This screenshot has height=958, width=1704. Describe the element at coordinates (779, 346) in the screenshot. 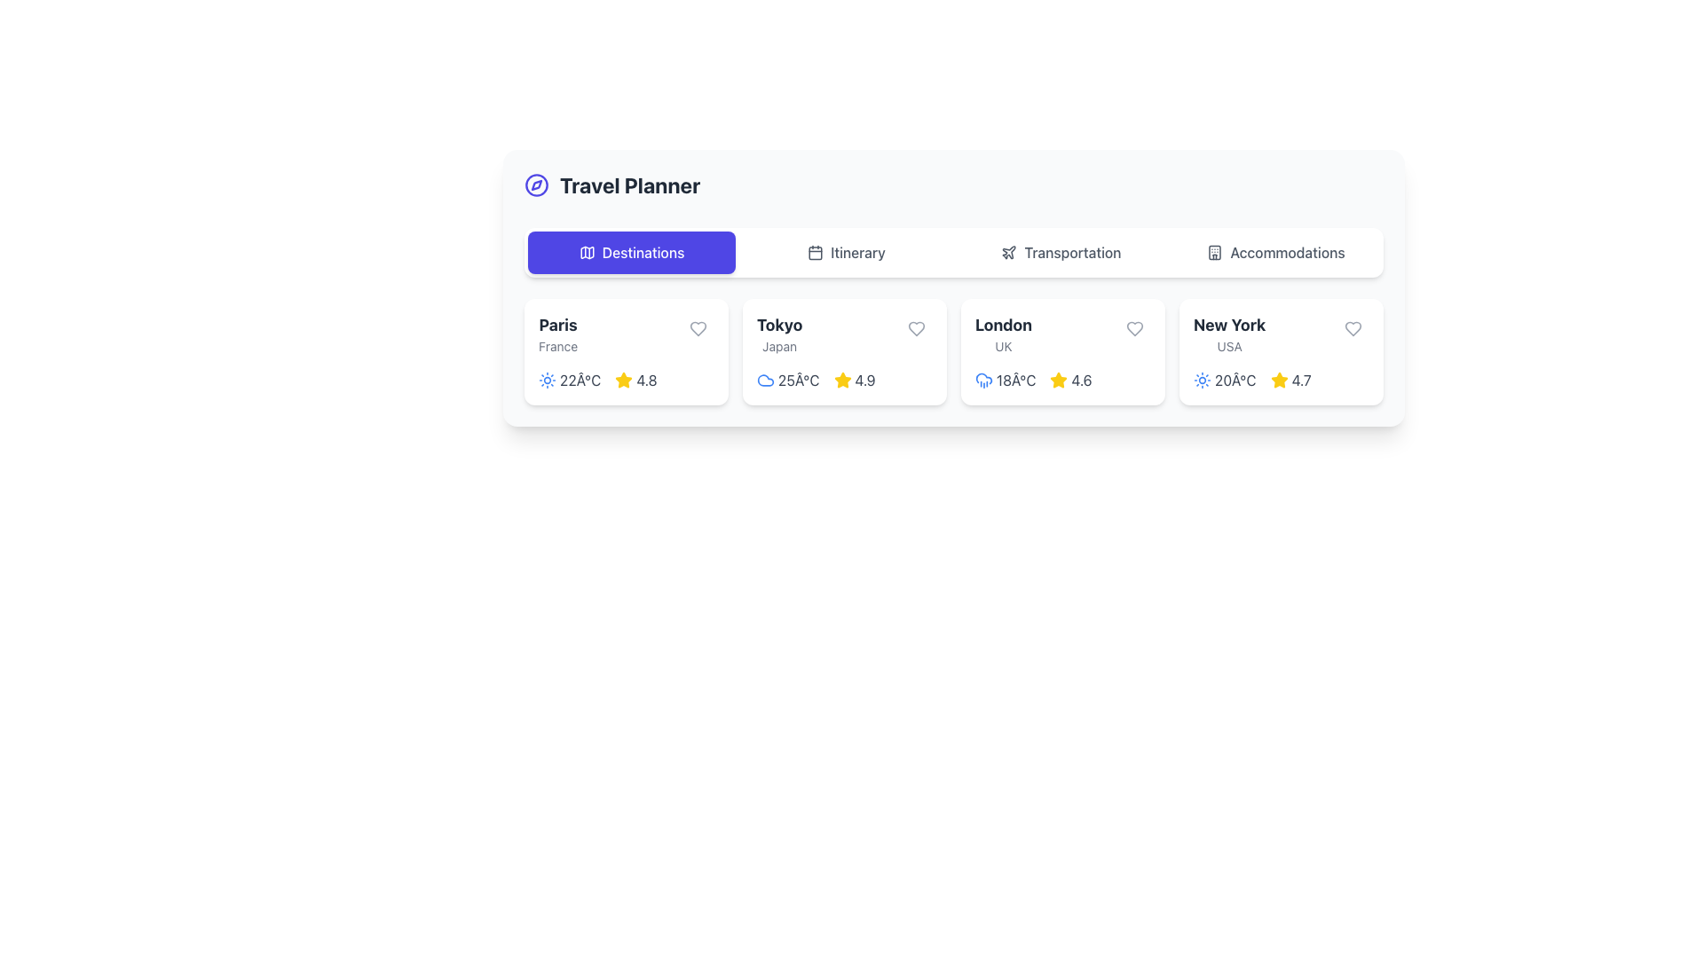

I see `the text label displaying 'Japan' in light gray font, located below the 'Tokyo' title within the second card of the 'Travel Planner' list` at that location.